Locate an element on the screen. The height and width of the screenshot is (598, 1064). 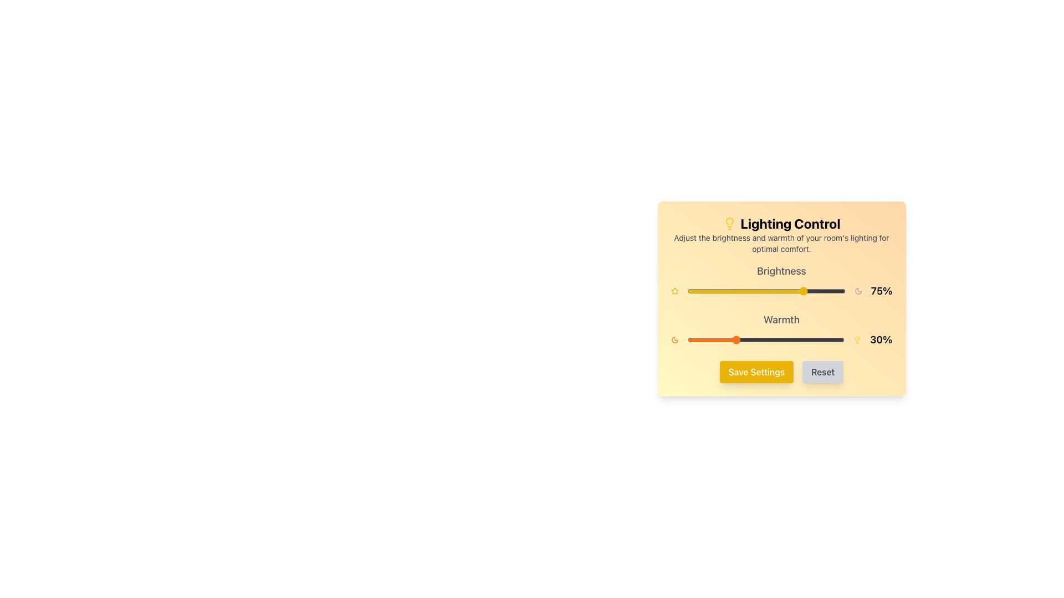
value of the static text displaying '75%' which is located near the right edge of the settings panel, adjacent to the brightness slider is located at coordinates (881, 290).